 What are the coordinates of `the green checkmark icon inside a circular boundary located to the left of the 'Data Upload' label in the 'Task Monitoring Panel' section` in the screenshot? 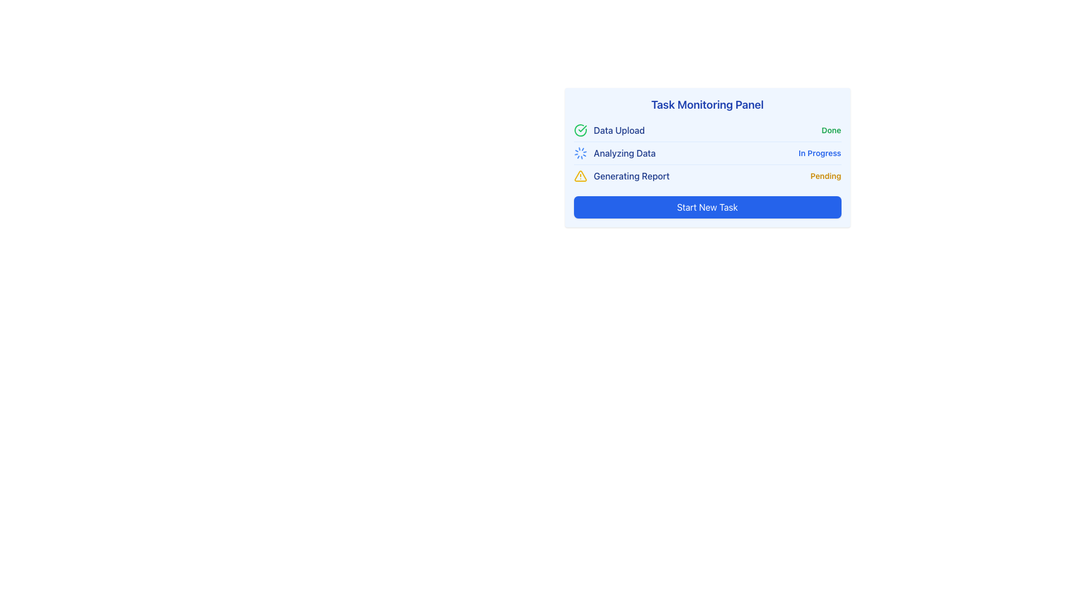 It's located at (582, 128).